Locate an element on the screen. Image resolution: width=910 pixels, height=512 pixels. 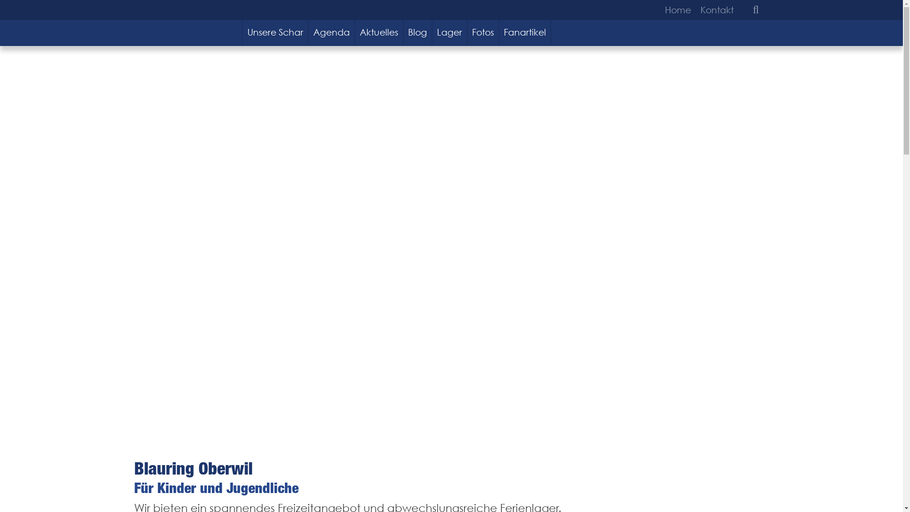
'Kontakt' is located at coordinates (714, 9).